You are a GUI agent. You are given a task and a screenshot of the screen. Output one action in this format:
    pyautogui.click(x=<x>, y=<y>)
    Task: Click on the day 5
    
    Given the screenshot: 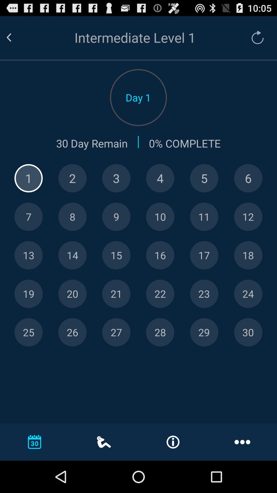 What is the action you would take?
    pyautogui.click(x=204, y=178)
    